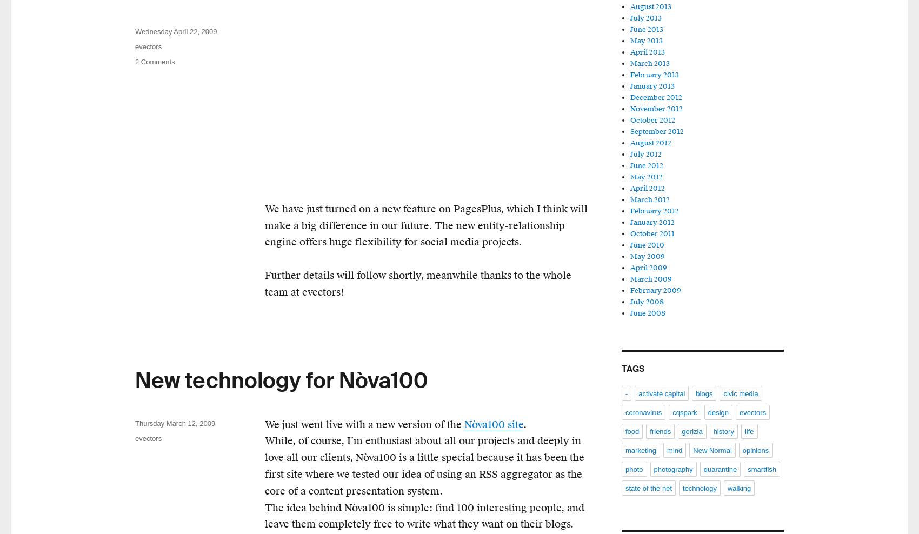 This screenshot has height=534, width=919. I want to click on 'March 2009', so click(650, 279).